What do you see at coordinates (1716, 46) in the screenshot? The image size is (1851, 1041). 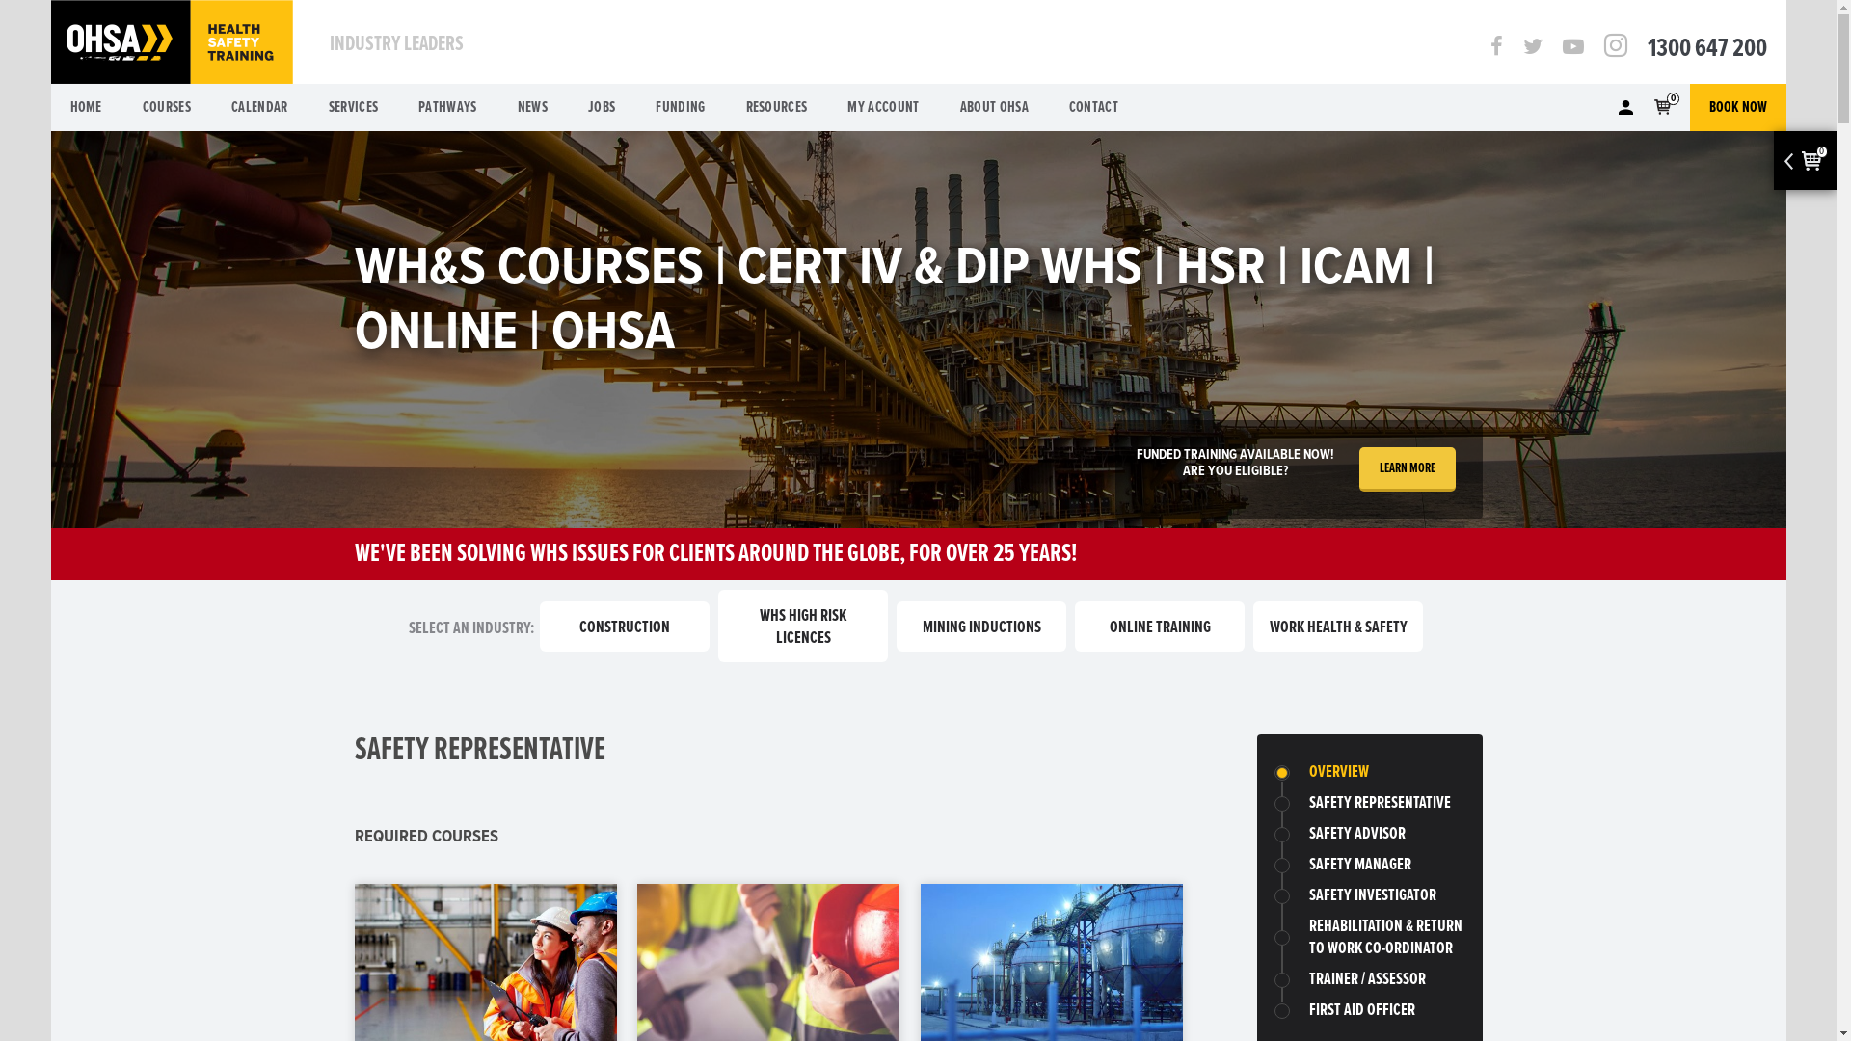 I see `'1300 647 200'` at bounding box center [1716, 46].